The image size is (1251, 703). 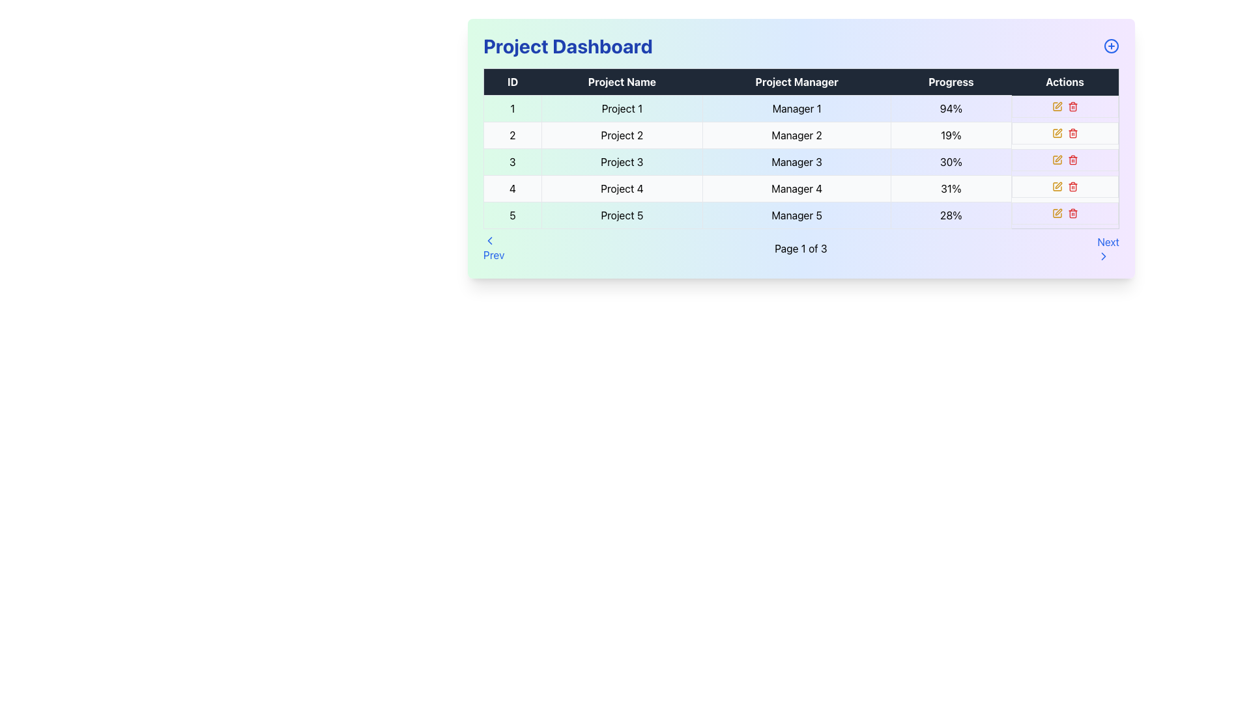 What do you see at coordinates (951, 188) in the screenshot?
I see `the table cell displaying the progress percentage of 31% for 'Manager 4', located in the fourth row and fourth column of the table` at bounding box center [951, 188].